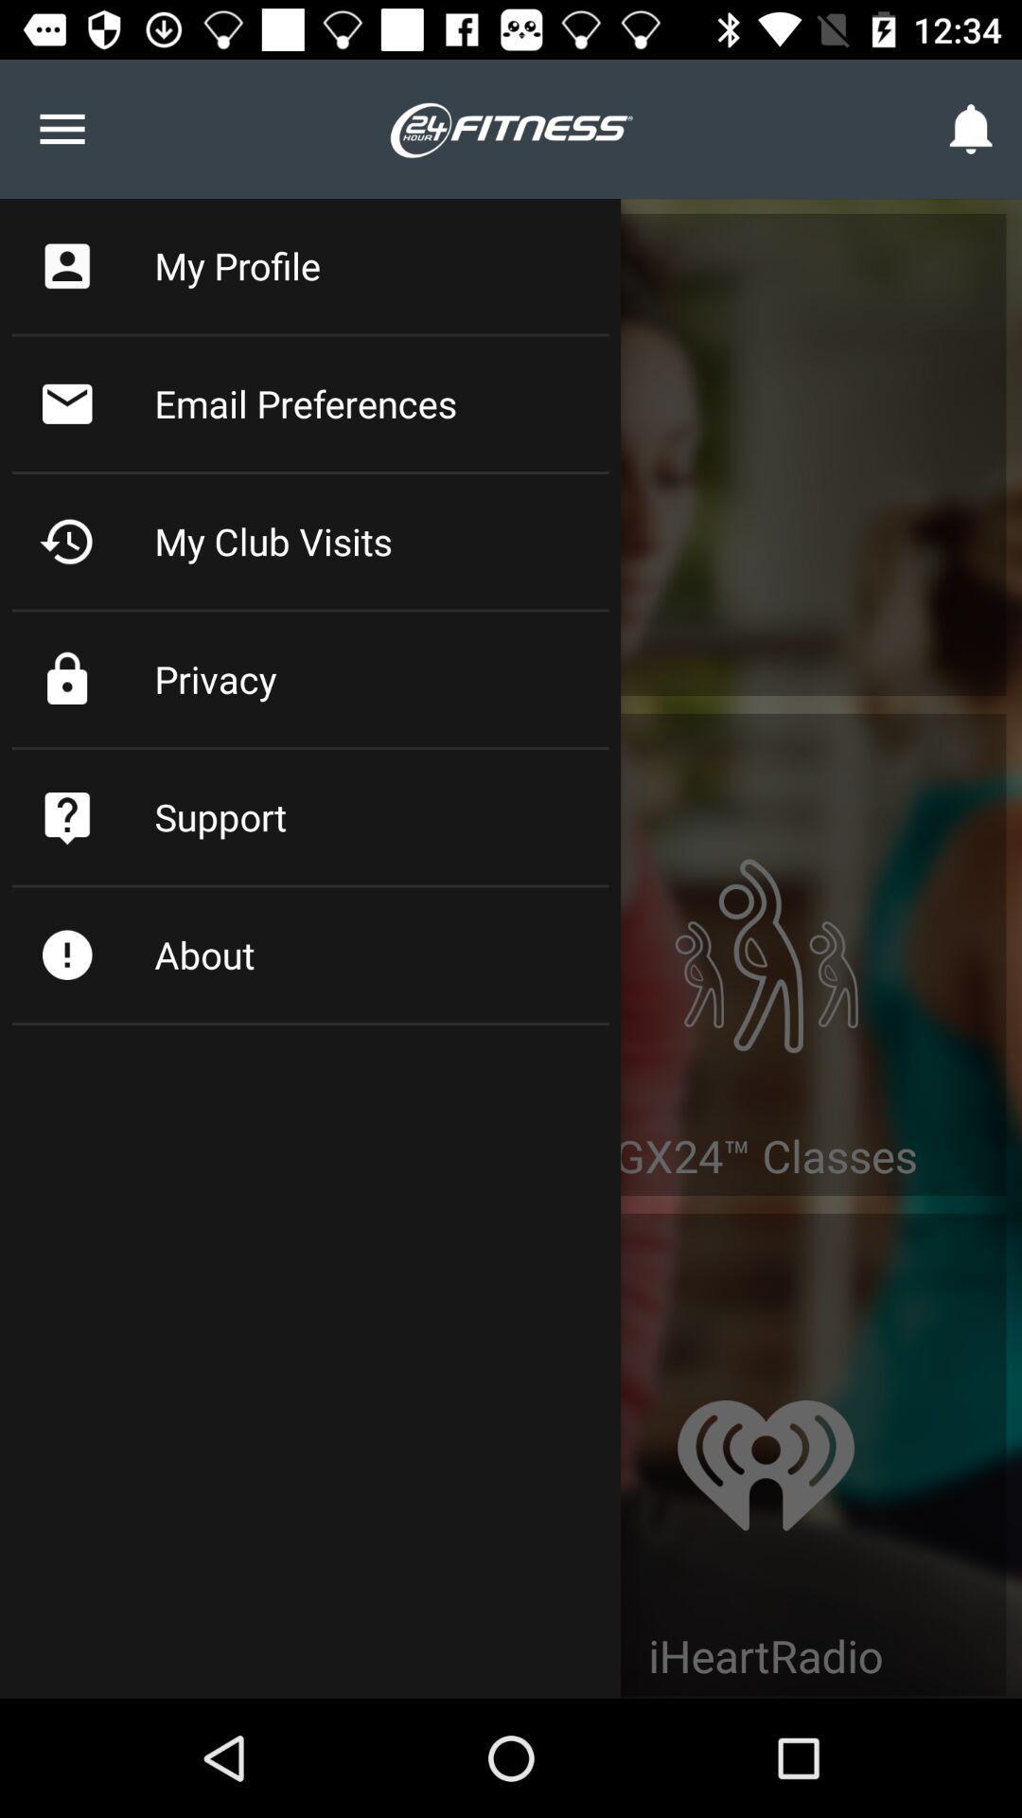 This screenshot has width=1022, height=1818. Describe the element at coordinates (766, 925) in the screenshot. I see `the first image` at that location.